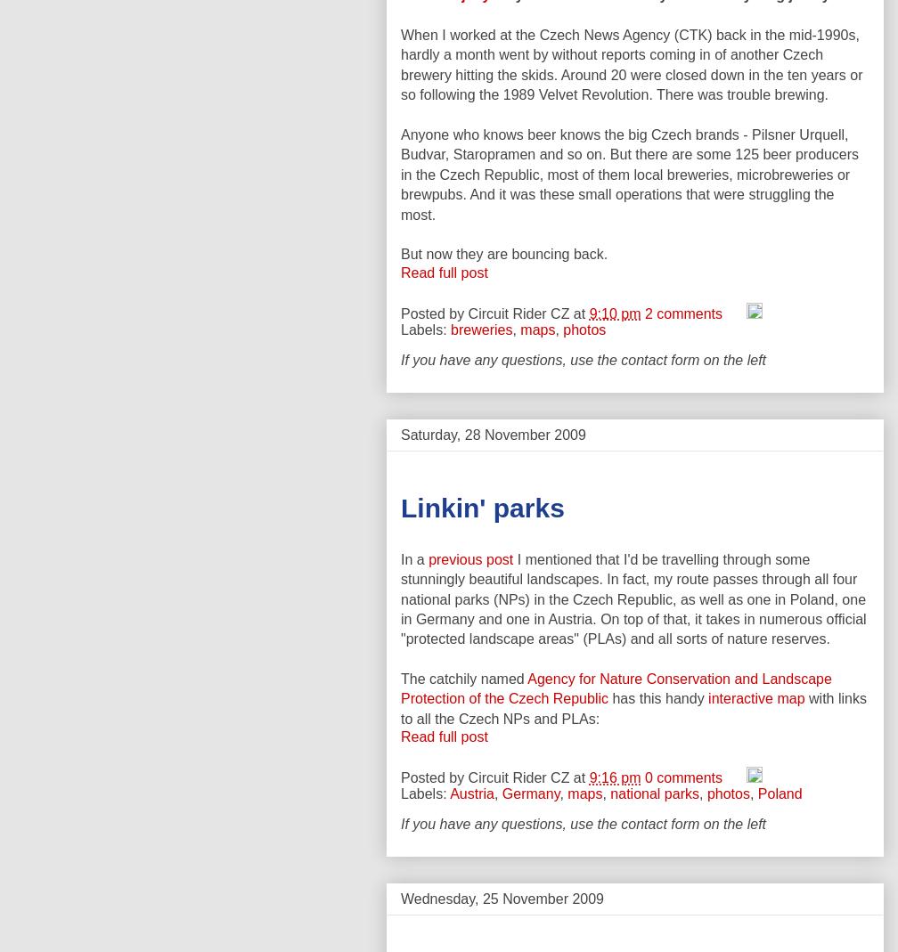 The height and width of the screenshot is (952, 898). What do you see at coordinates (481, 329) in the screenshot?
I see `'breweries'` at bounding box center [481, 329].